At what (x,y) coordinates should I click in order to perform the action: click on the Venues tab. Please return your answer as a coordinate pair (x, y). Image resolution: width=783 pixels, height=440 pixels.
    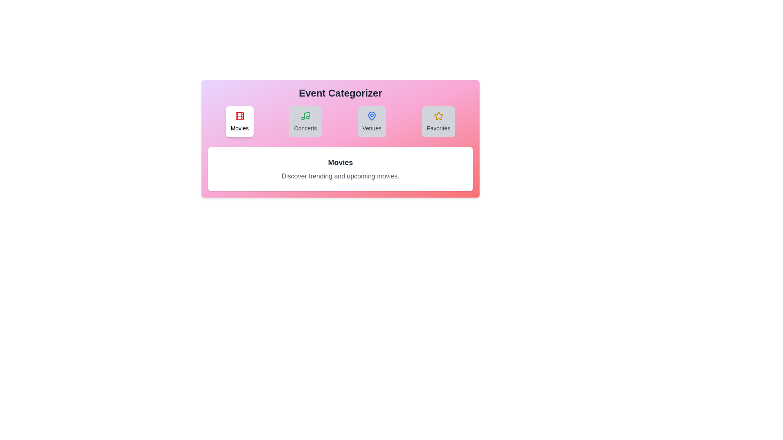
    Looking at the image, I should click on (372, 122).